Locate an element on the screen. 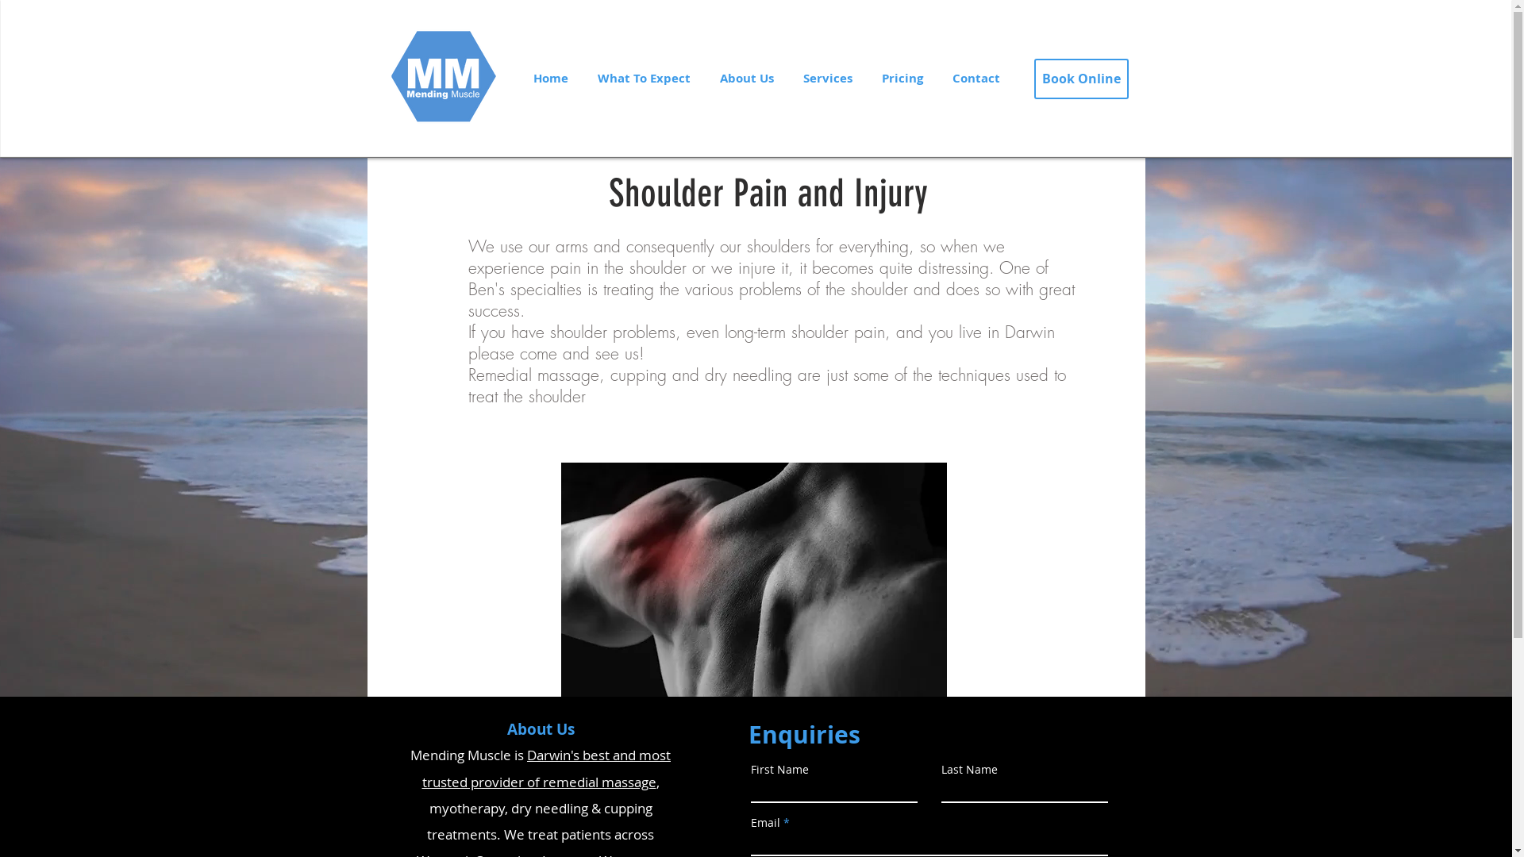 The width and height of the screenshot is (1524, 857). 'Home' is located at coordinates (549, 79).